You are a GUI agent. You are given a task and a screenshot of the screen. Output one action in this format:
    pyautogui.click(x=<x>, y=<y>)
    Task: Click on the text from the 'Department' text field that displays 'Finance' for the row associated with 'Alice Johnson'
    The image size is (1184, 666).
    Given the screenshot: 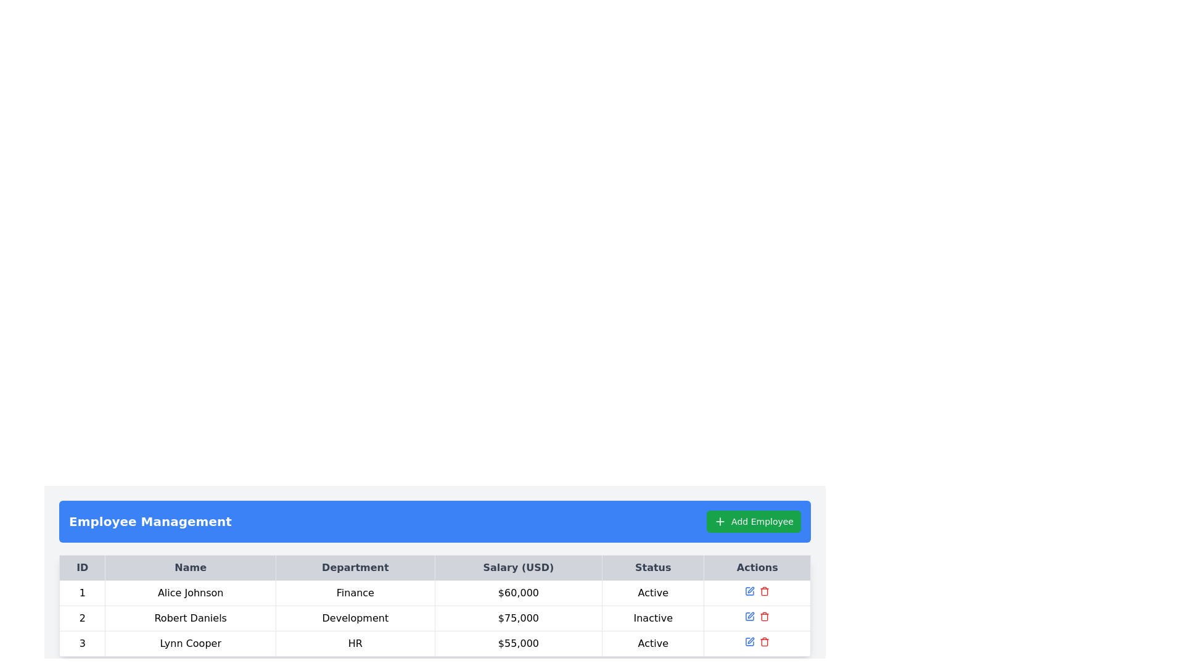 What is the action you would take?
    pyautogui.click(x=355, y=592)
    